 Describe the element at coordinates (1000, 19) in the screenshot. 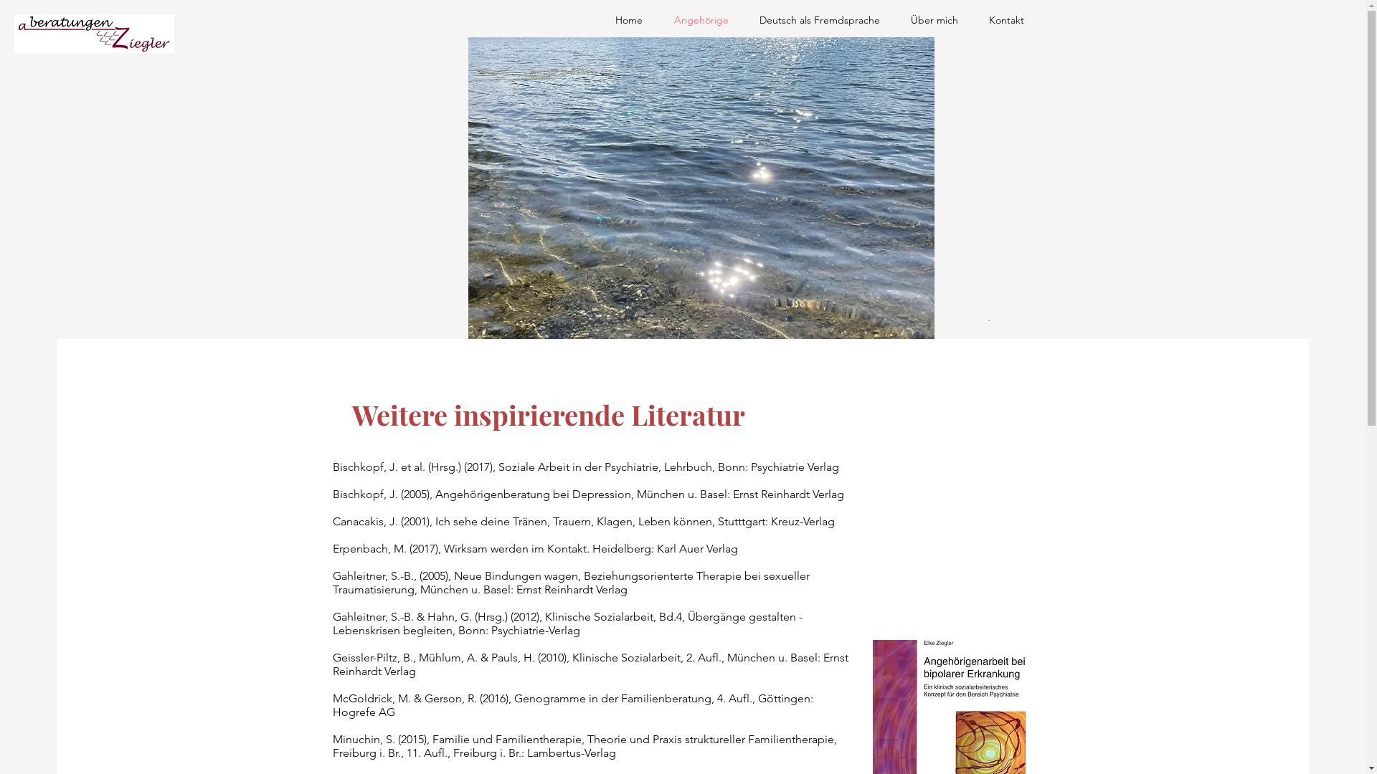

I see `'Kontakt'` at that location.